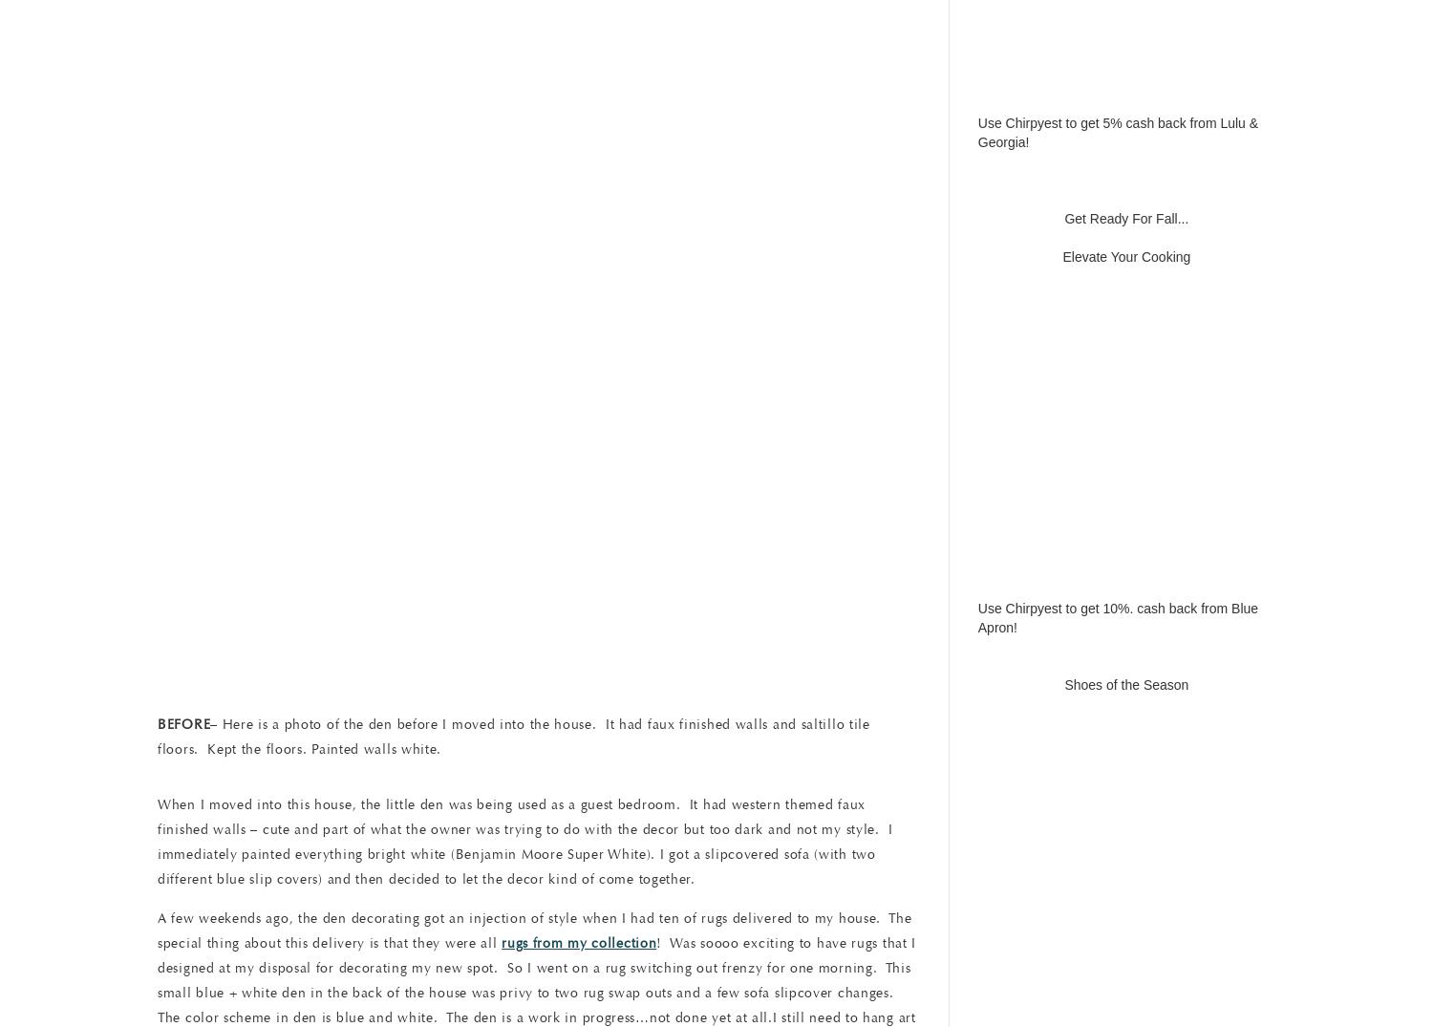 This screenshot has height=1027, width=1433. Describe the element at coordinates (158, 723) in the screenshot. I see `'BEFORE'` at that location.